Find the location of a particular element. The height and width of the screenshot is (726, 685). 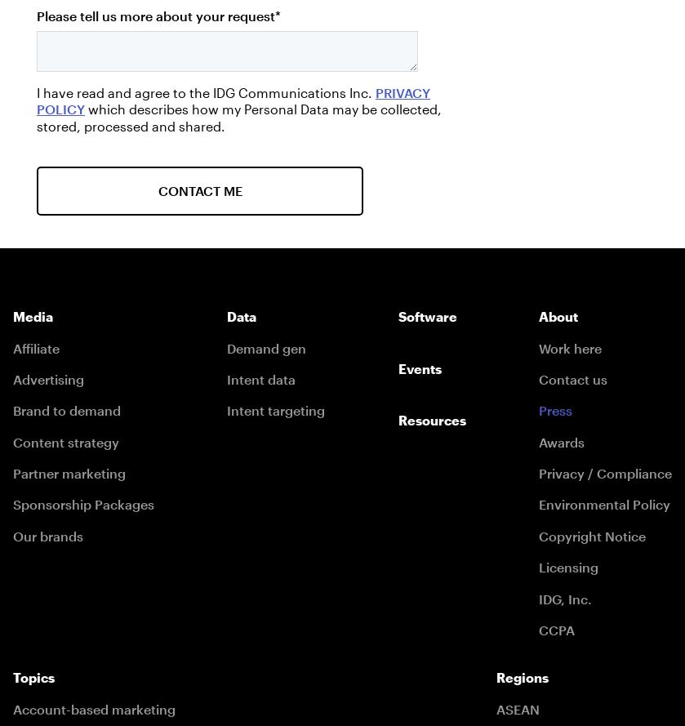

'Our brands' is located at coordinates (47, 535).